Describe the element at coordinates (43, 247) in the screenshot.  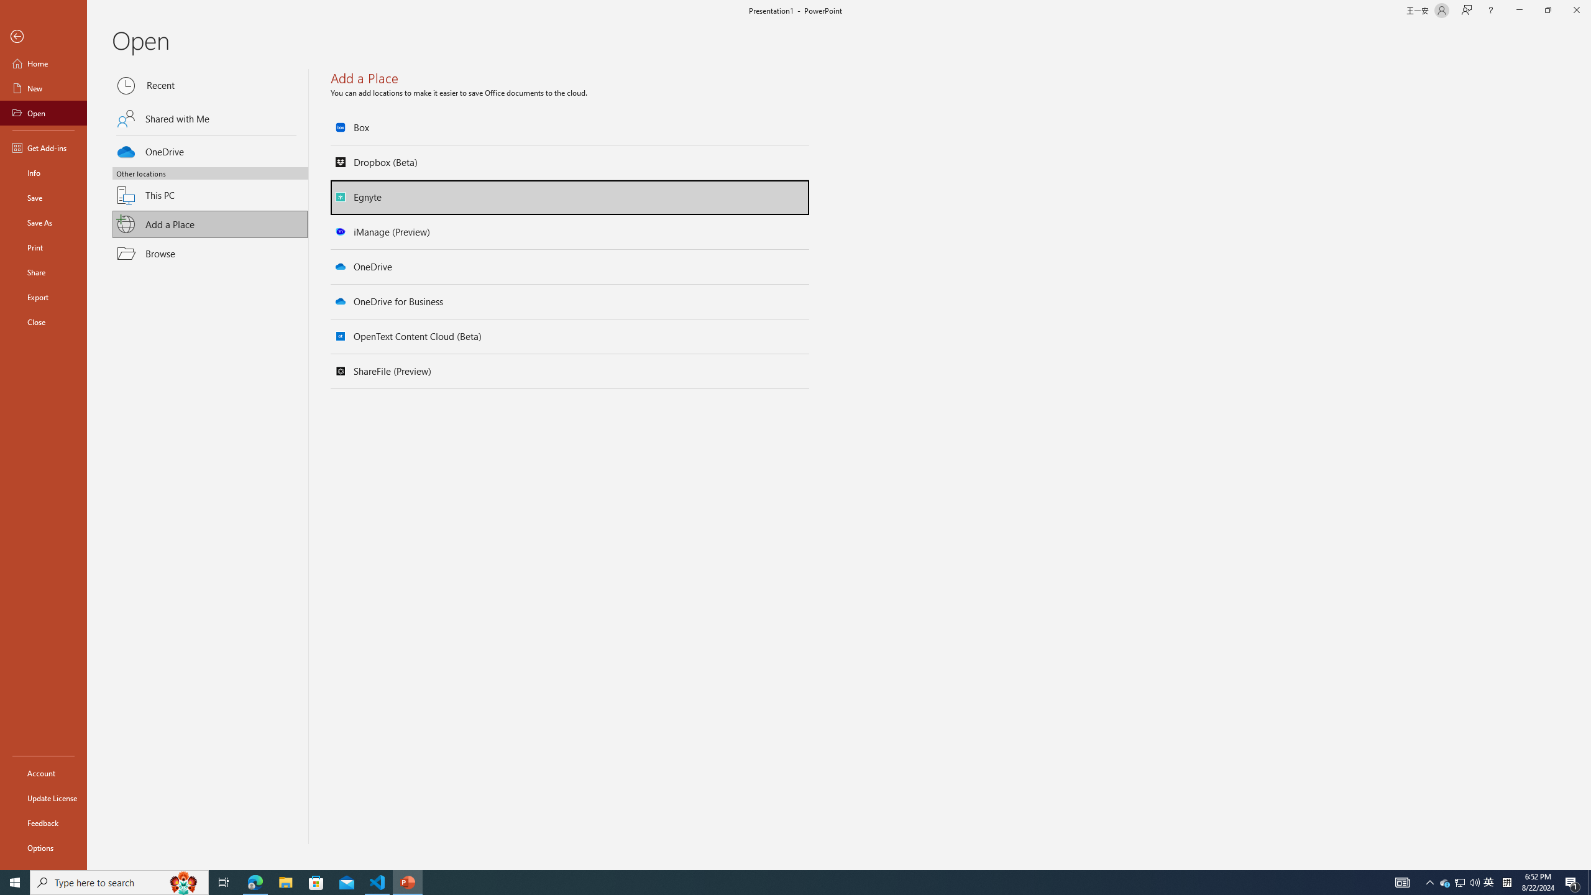
I see `'Print'` at that location.